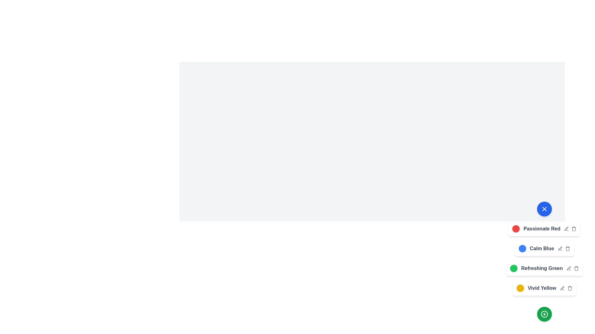  Describe the element at coordinates (520, 288) in the screenshot. I see `the color theme Vivid Yellow from the list` at that location.